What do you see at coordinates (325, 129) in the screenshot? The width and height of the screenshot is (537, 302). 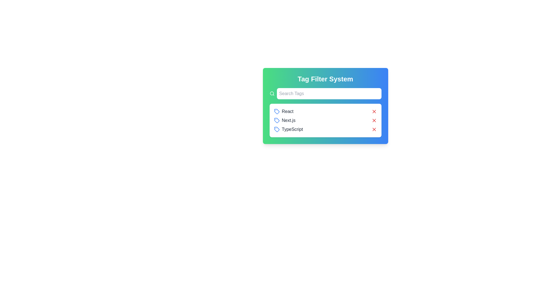 I see `the third row in the vertical list labeled 'TypeScript' by tapping anywhere within the element` at bounding box center [325, 129].